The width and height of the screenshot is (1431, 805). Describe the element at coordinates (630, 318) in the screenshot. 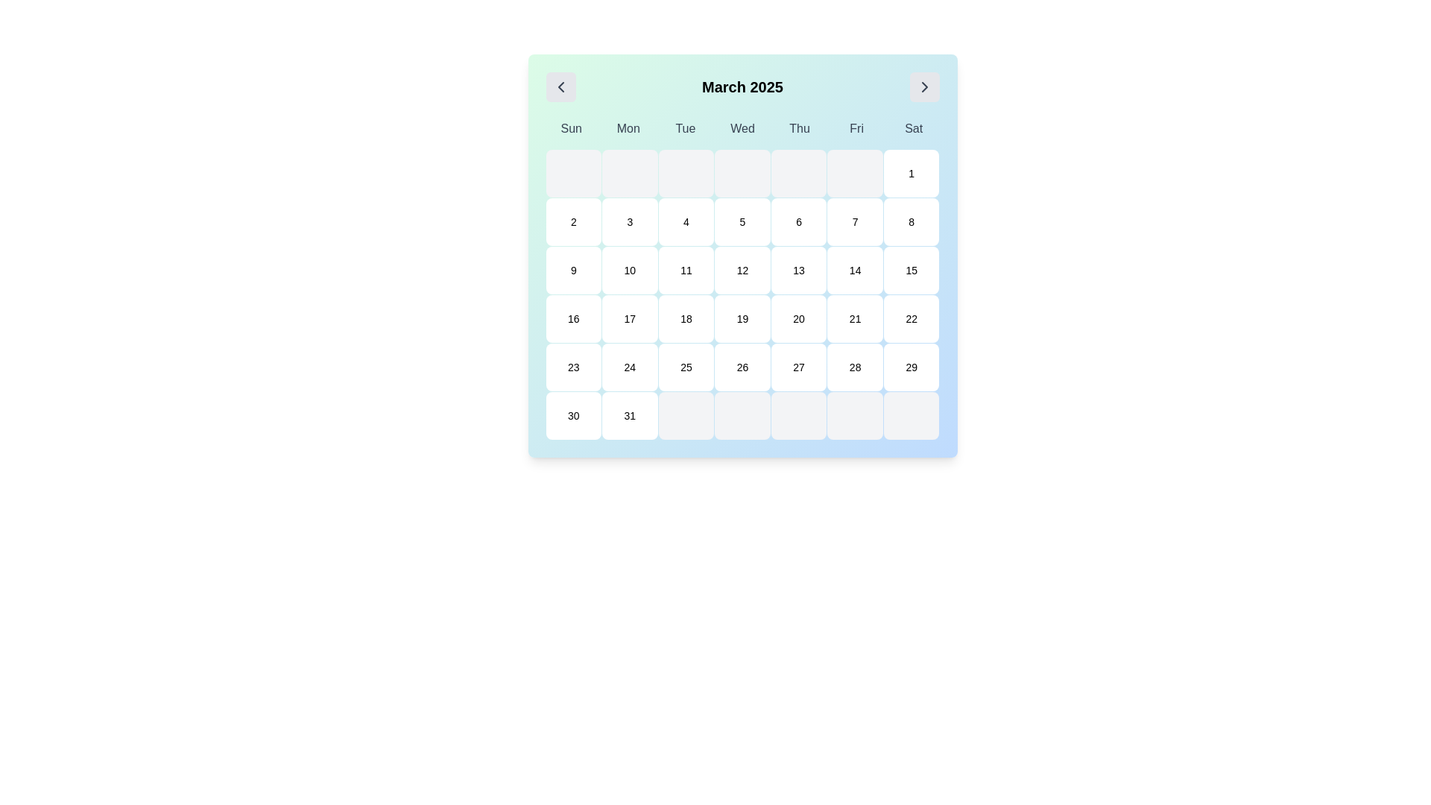

I see `the button representing the date '17' in the calendar view` at that location.